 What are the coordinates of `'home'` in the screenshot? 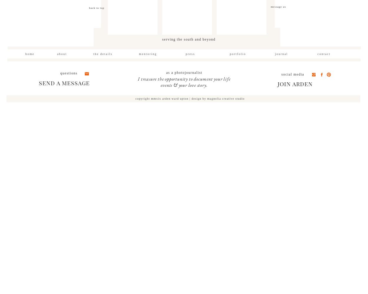 It's located at (29, 54).